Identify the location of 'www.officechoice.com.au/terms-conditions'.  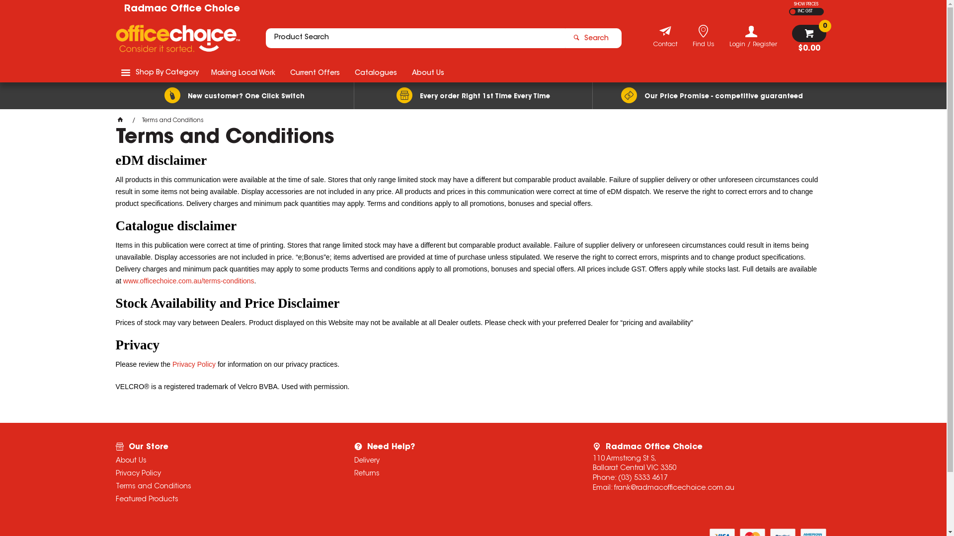
(188, 281).